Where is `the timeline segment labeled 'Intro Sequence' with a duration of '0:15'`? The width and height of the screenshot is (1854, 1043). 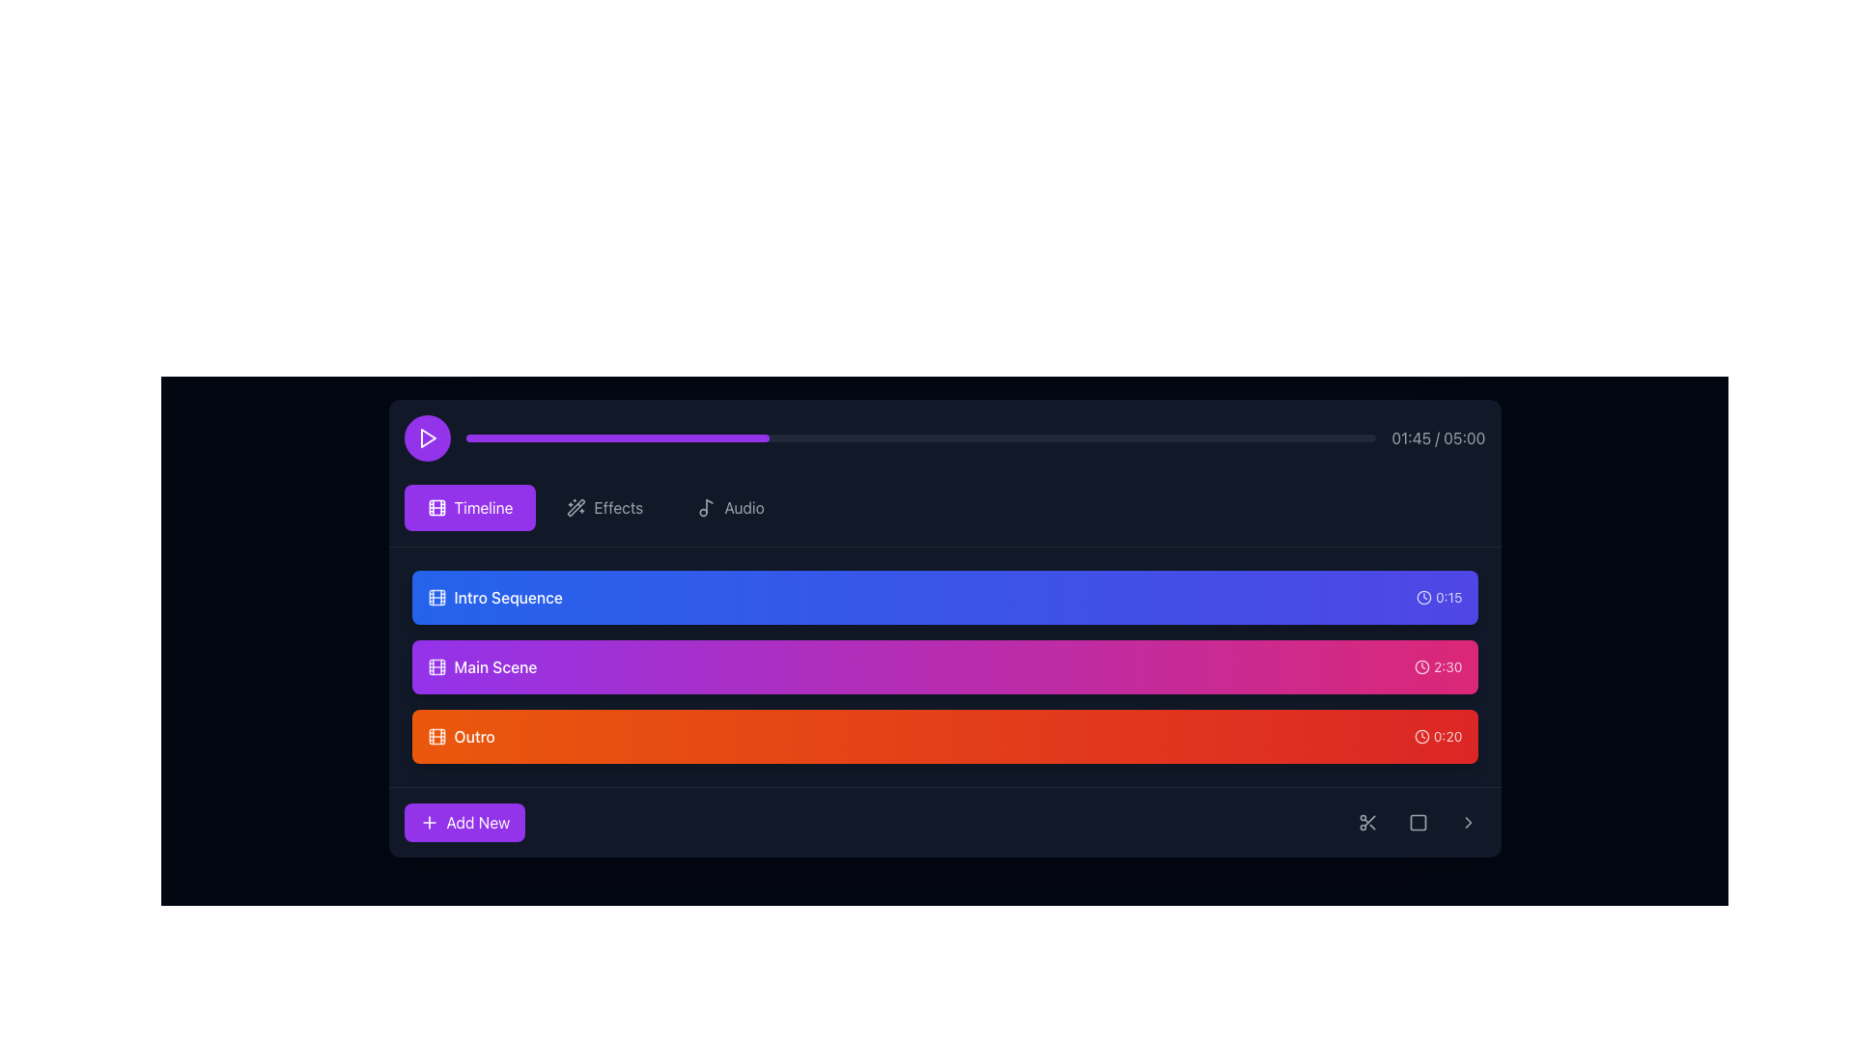 the timeline segment labeled 'Intro Sequence' with a duration of '0:15' is located at coordinates (944, 596).